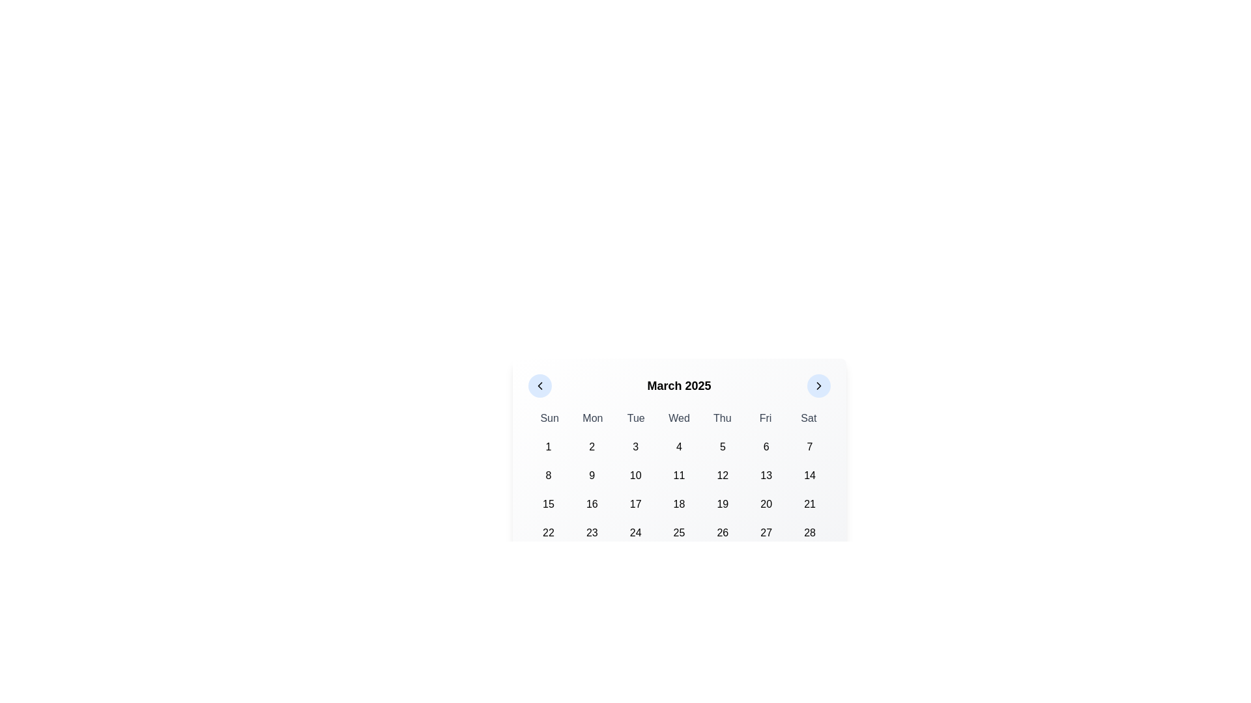 The width and height of the screenshot is (1251, 703). Describe the element at coordinates (592, 419) in the screenshot. I see `the static text label denoting 'Monday' within the calendar interface, positioned between 'Sun' and 'Tue'` at that location.